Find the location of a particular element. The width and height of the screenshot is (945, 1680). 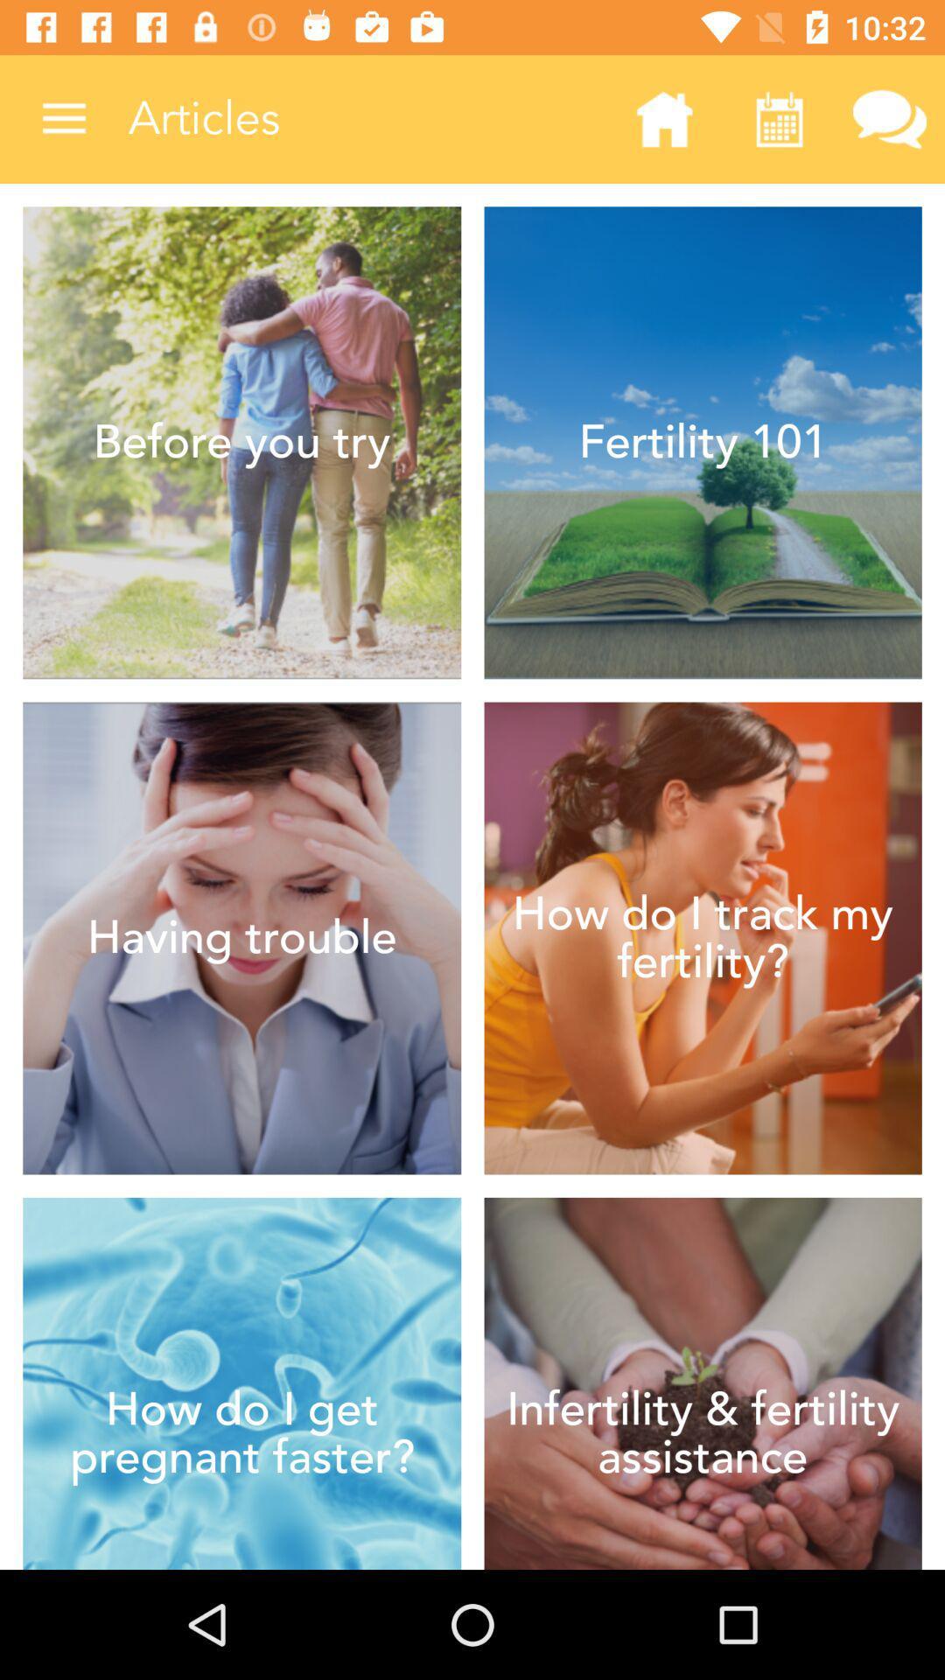

articles item is located at coordinates (366, 118).